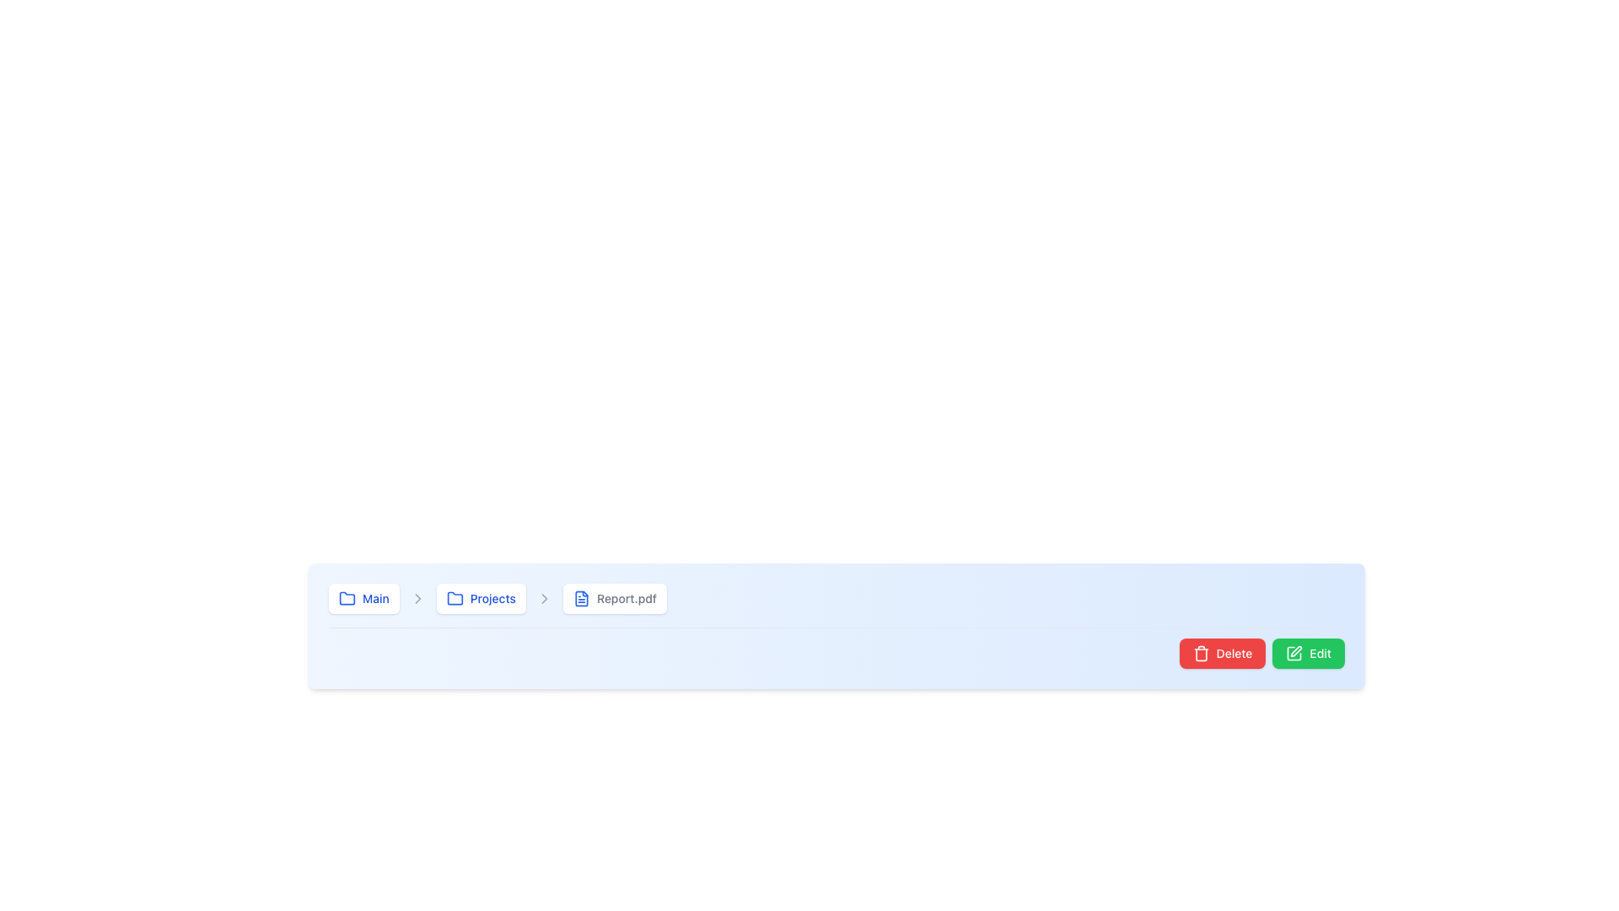 The image size is (1619, 911). What do you see at coordinates (1200, 653) in the screenshot?
I see `the delete icon located to the left of the 'Delete' text button in the lower right section of the interface to initiate a delete action` at bounding box center [1200, 653].